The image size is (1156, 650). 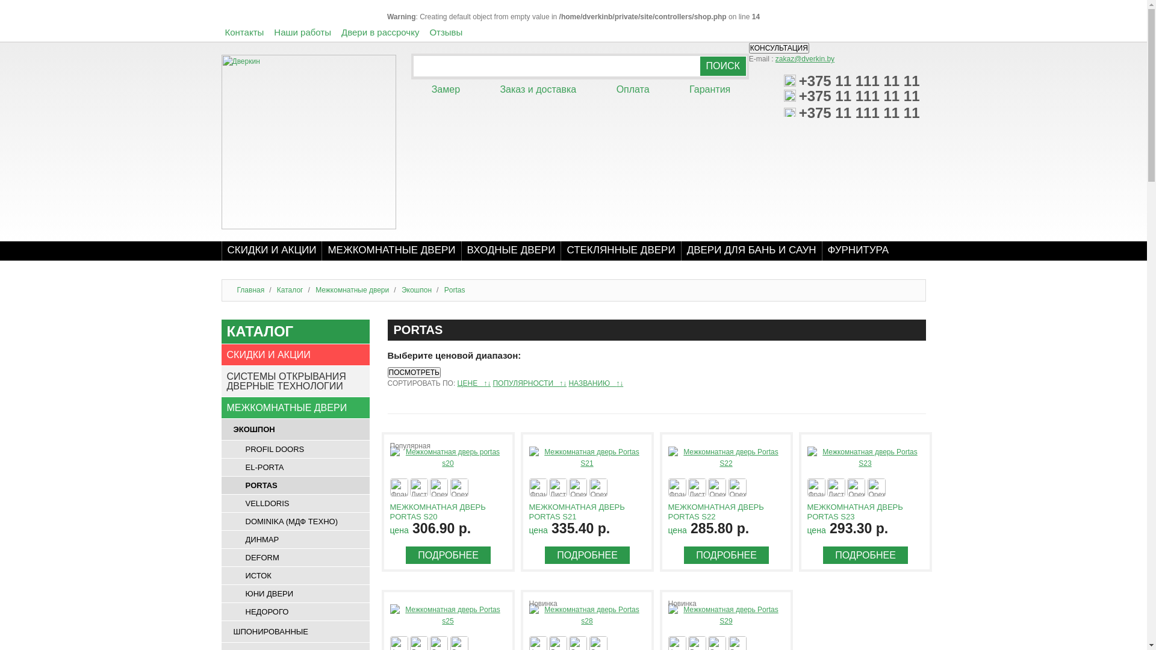 I want to click on 'PORTAS', so click(x=295, y=484).